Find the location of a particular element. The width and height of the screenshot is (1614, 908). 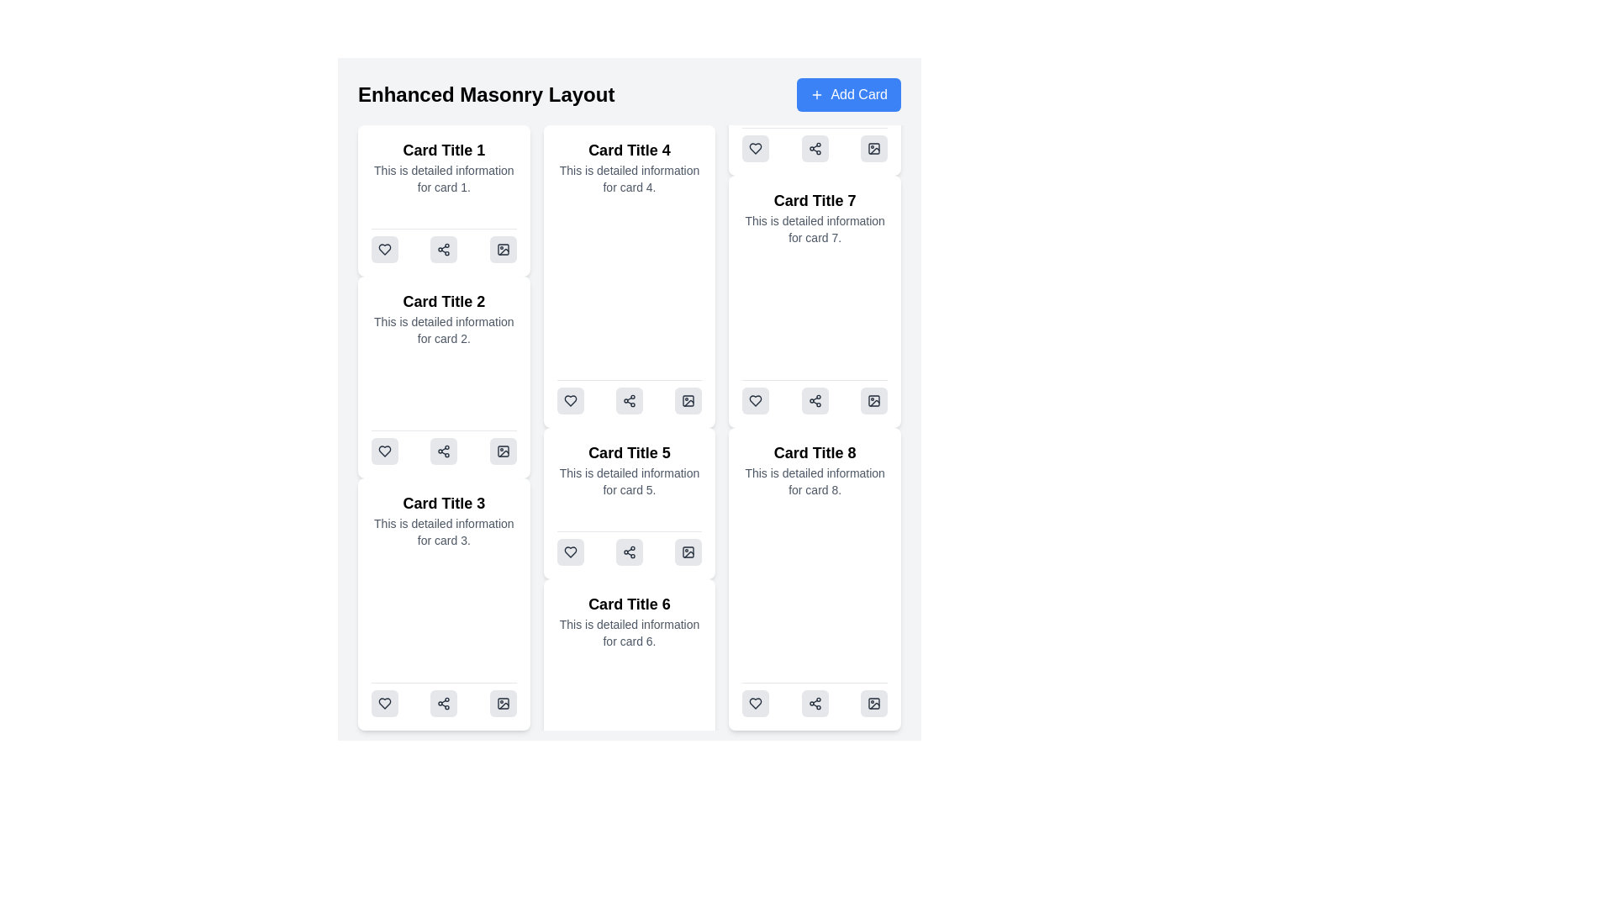

the icon resembling a picture frame located at the bottom-right corner of the card labeled 'Card Title 3' to initiate the image-related action is located at coordinates (502, 704).